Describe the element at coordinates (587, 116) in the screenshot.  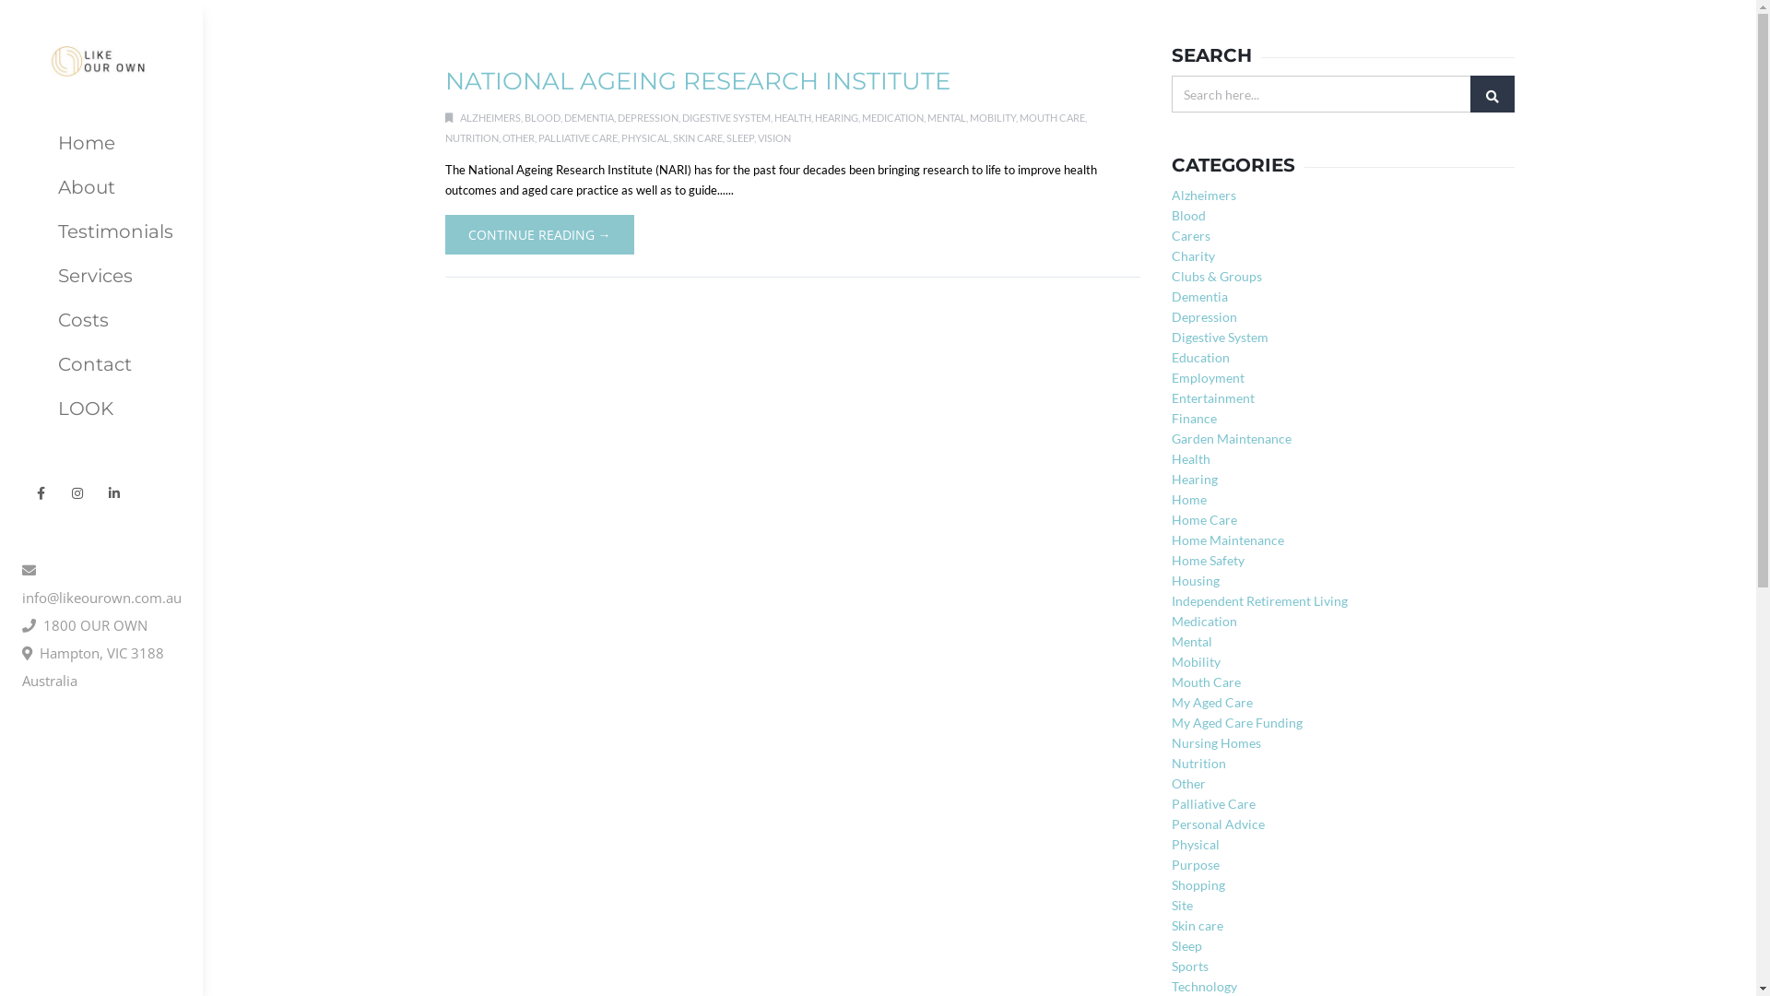
I see `'DEMENTIA'` at that location.